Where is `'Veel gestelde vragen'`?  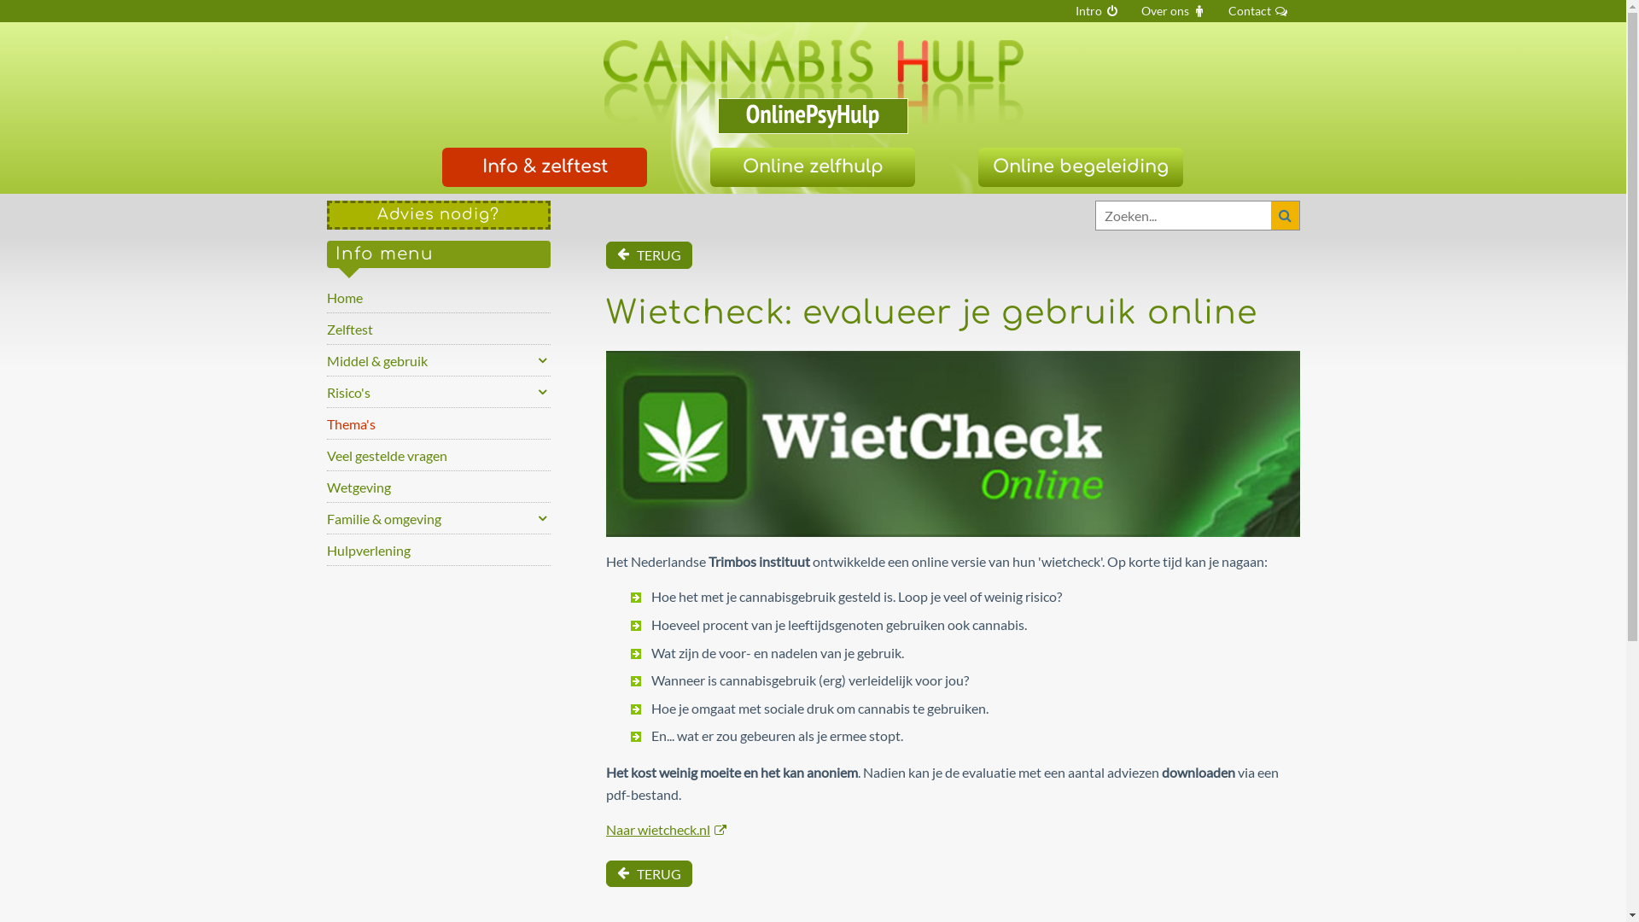
'Veel gestelde vragen' is located at coordinates (326, 453).